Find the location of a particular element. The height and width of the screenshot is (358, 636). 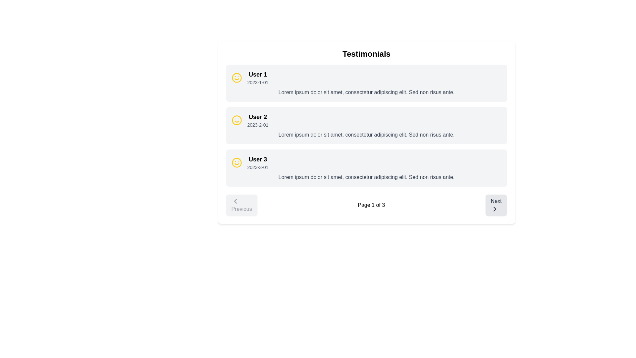

the text label identifying a specific user's testimonial located in the second row under the 'Testimonials' section, positioned above the date '2023-2-01' and next to a smiley face icon is located at coordinates (257, 117).